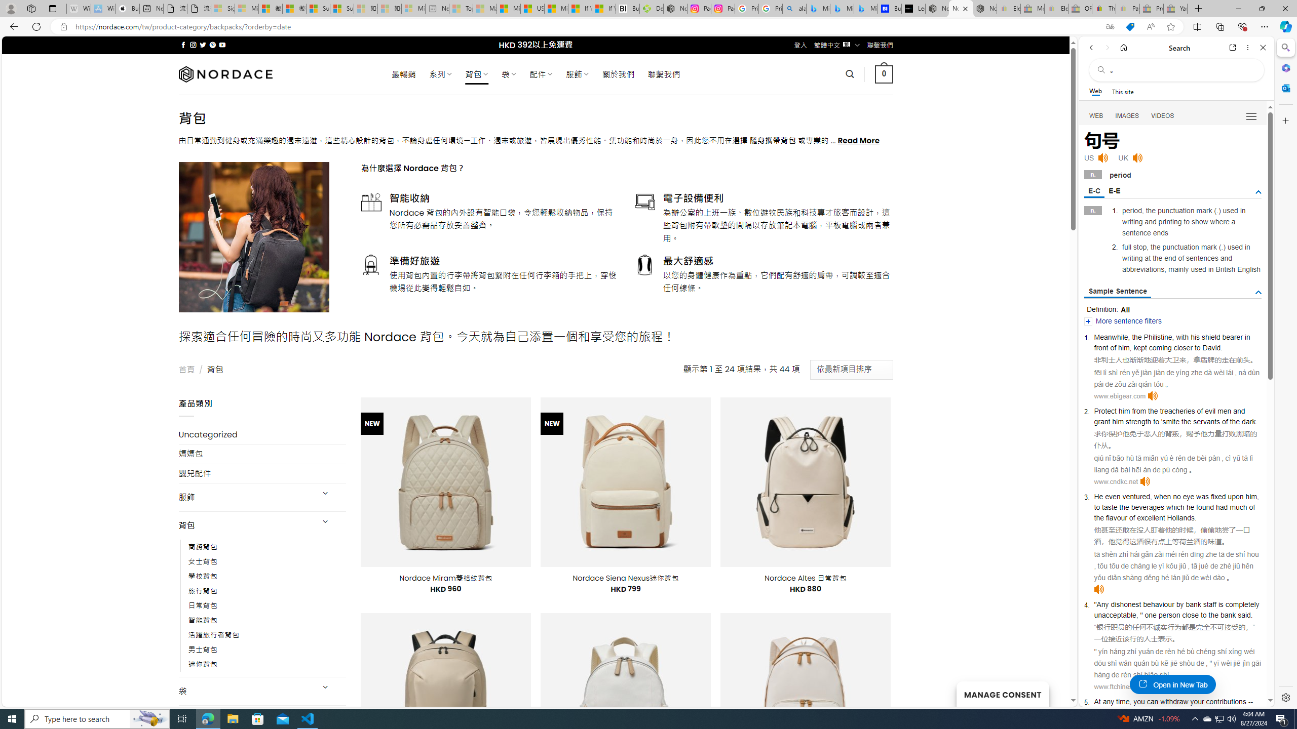 The height and width of the screenshot is (729, 1297). Describe the element at coordinates (1130, 27) in the screenshot. I see `'This site has coupons! Shopping in Microsoft Edge'` at that location.